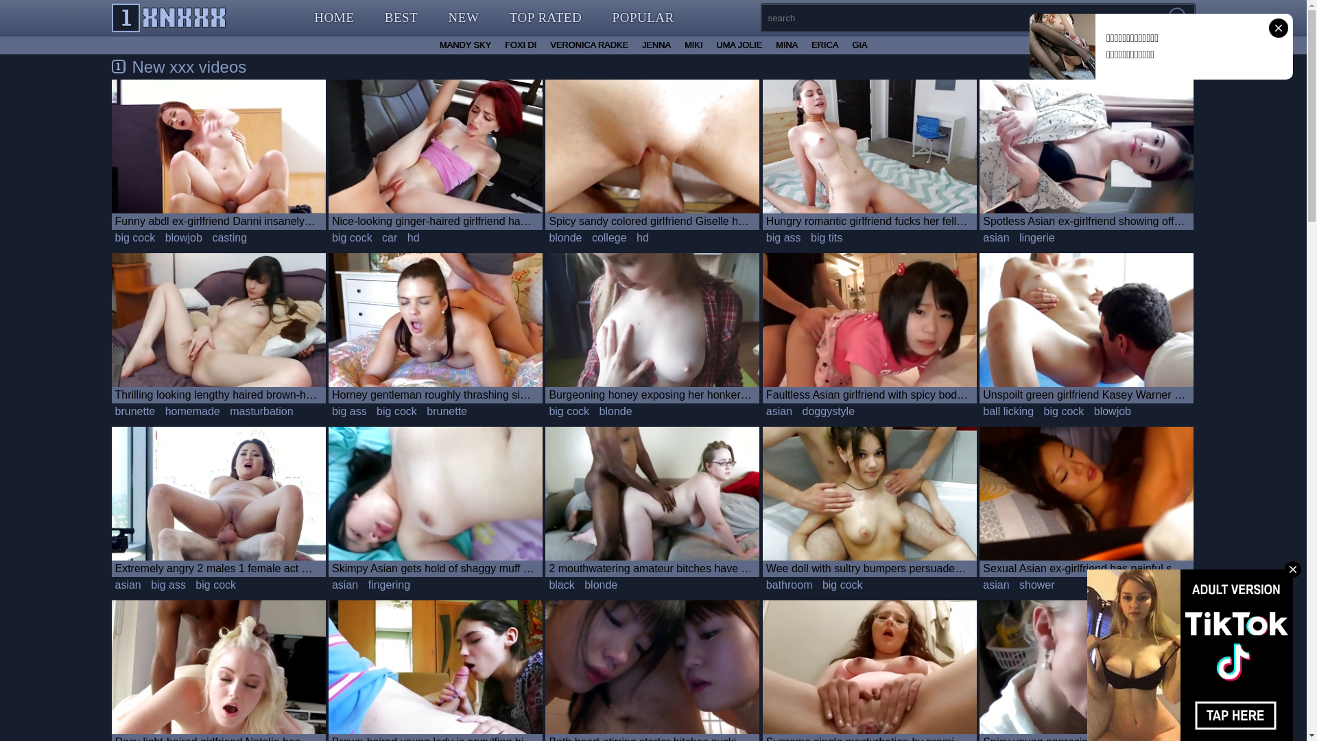 Image resolution: width=1317 pixels, height=741 pixels. Describe the element at coordinates (128, 585) in the screenshot. I see `'asian'` at that location.